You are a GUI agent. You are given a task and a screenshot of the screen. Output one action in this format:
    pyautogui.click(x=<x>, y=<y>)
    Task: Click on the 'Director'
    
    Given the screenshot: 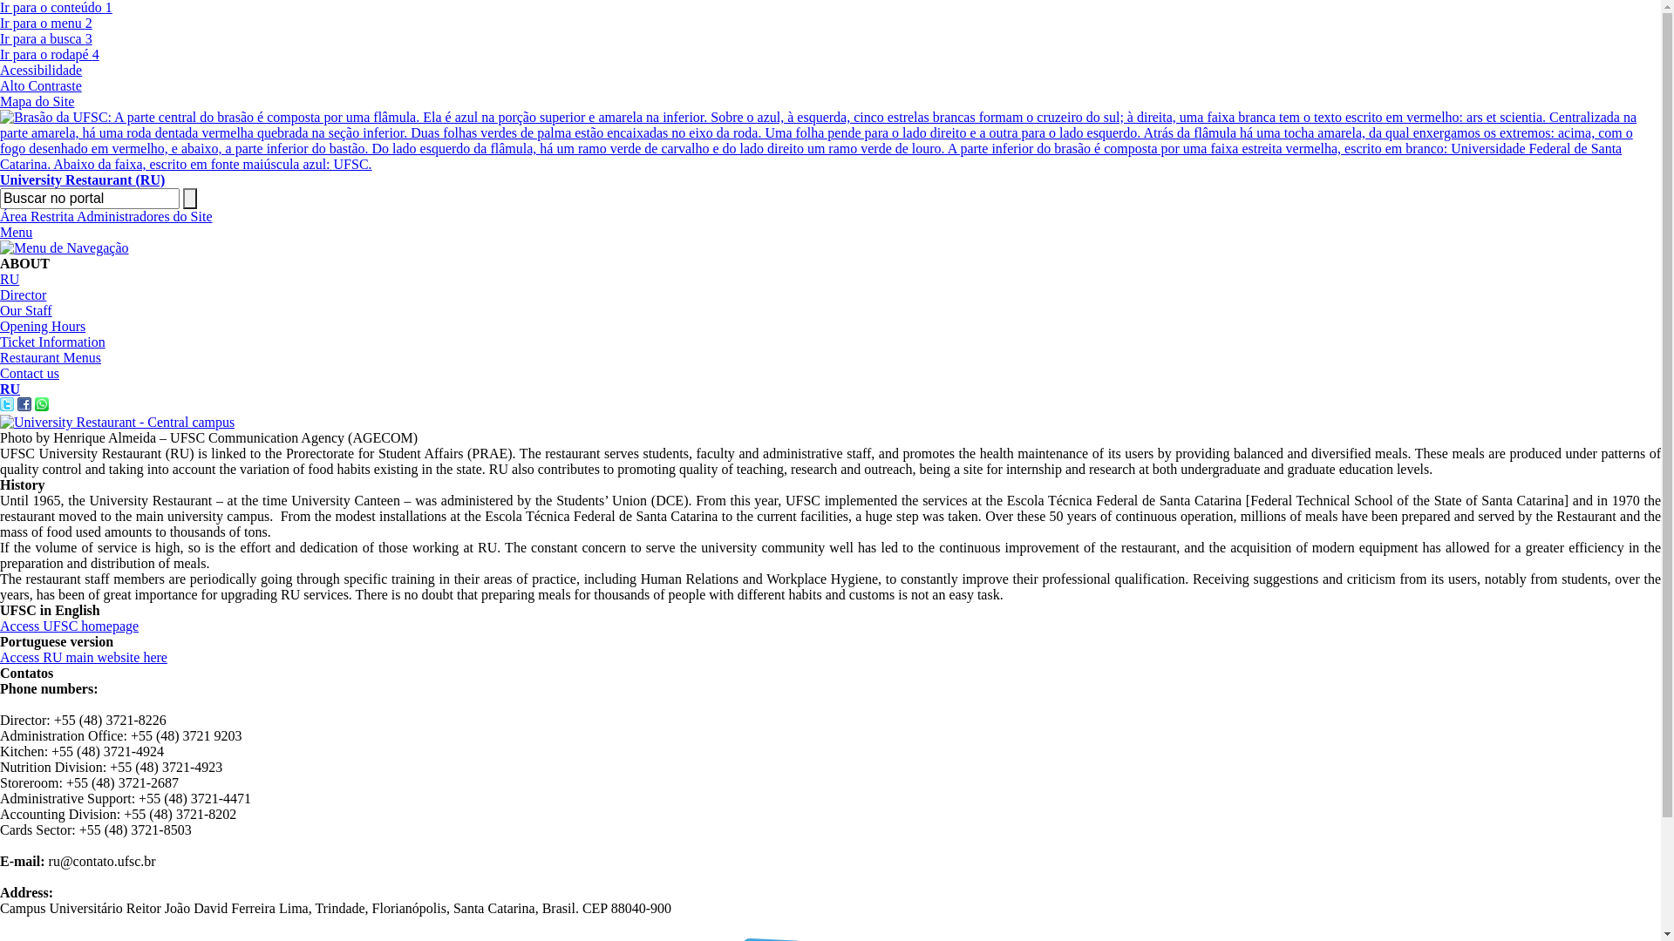 What is the action you would take?
    pyautogui.click(x=23, y=294)
    